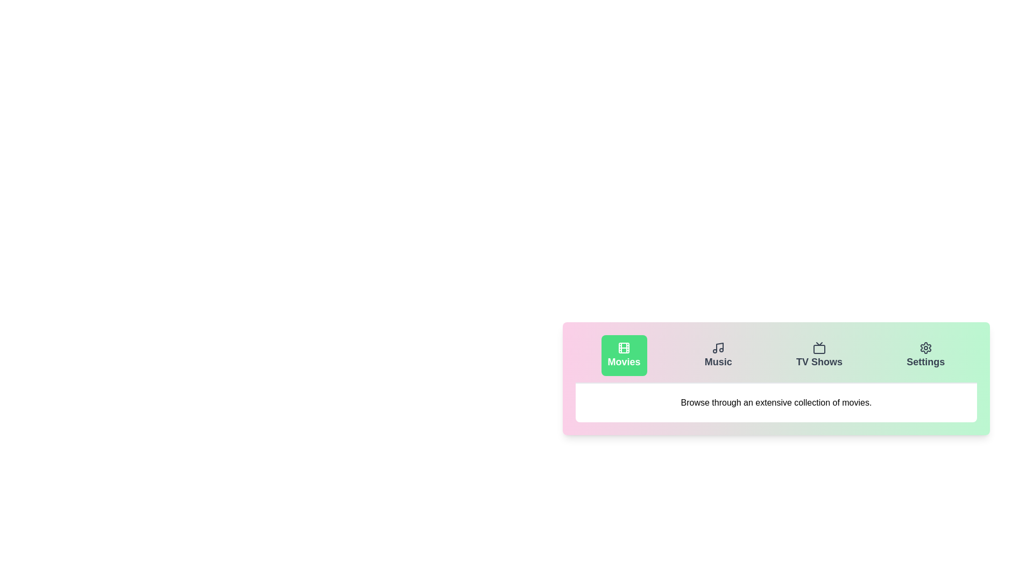  Describe the element at coordinates (924, 355) in the screenshot. I see `the Settings tab to switch to its content` at that location.